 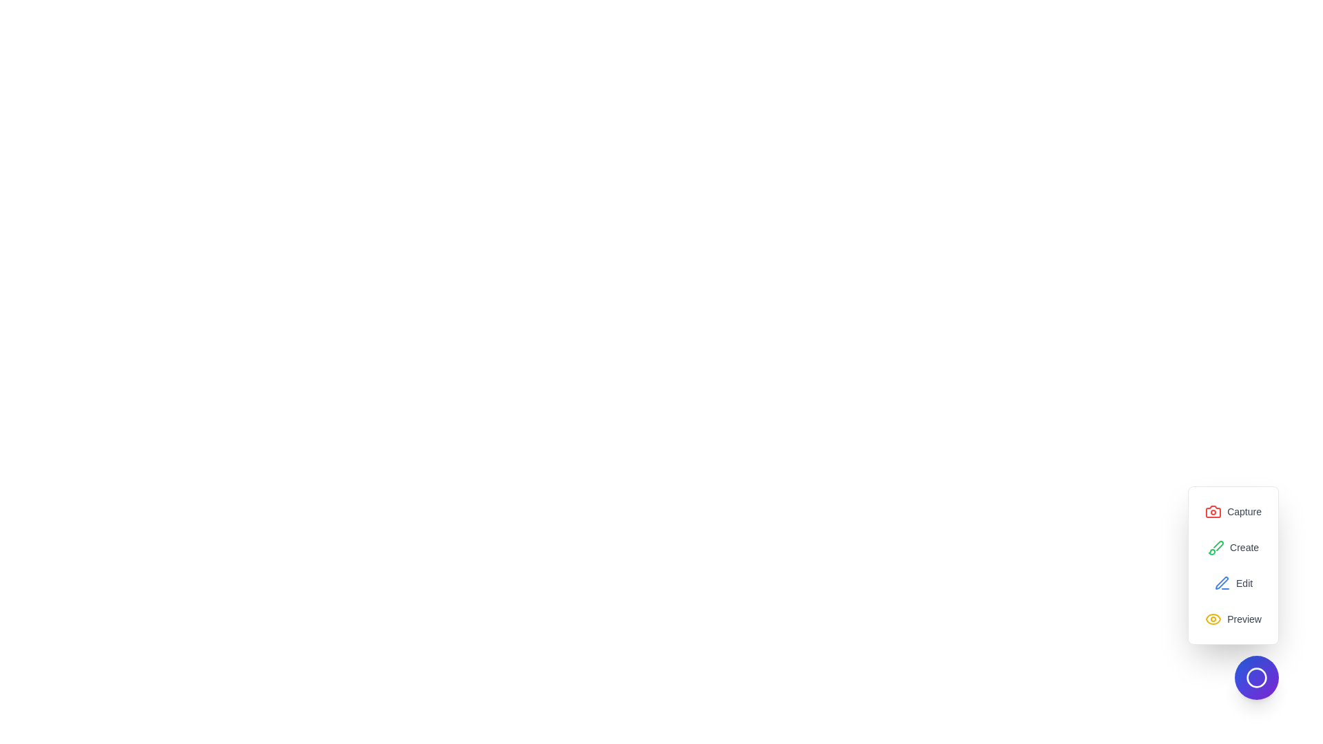 What do you see at coordinates (1233, 512) in the screenshot?
I see `the 'Capture' option in the menu` at bounding box center [1233, 512].